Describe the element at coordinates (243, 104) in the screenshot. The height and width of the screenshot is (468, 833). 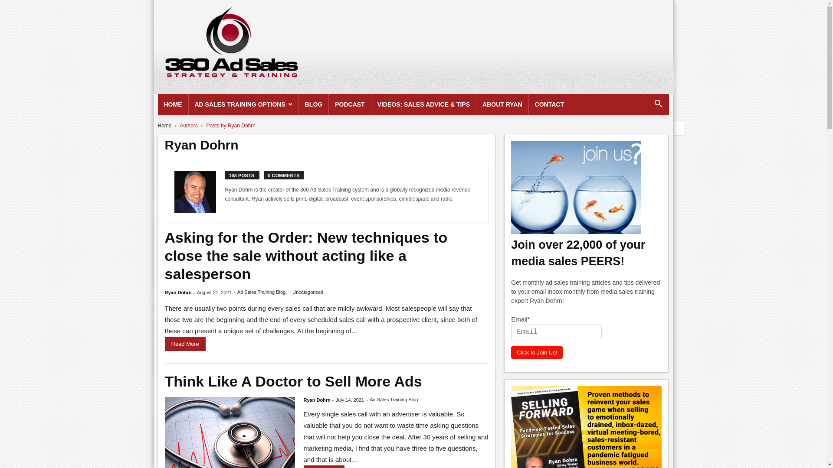
I see `'AD SALES TRAINING OPTIONS'` at that location.